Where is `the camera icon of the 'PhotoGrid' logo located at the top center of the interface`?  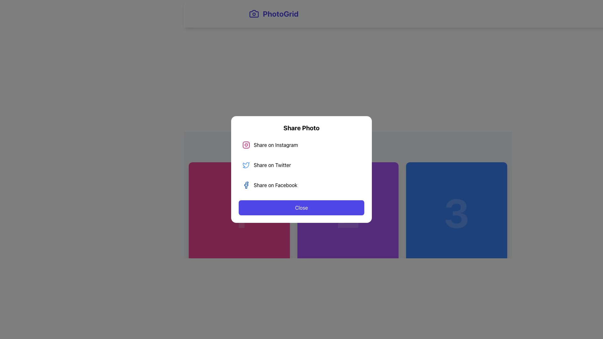
the camera icon of the 'PhotoGrid' logo located at the top center of the interface is located at coordinates (254, 13).